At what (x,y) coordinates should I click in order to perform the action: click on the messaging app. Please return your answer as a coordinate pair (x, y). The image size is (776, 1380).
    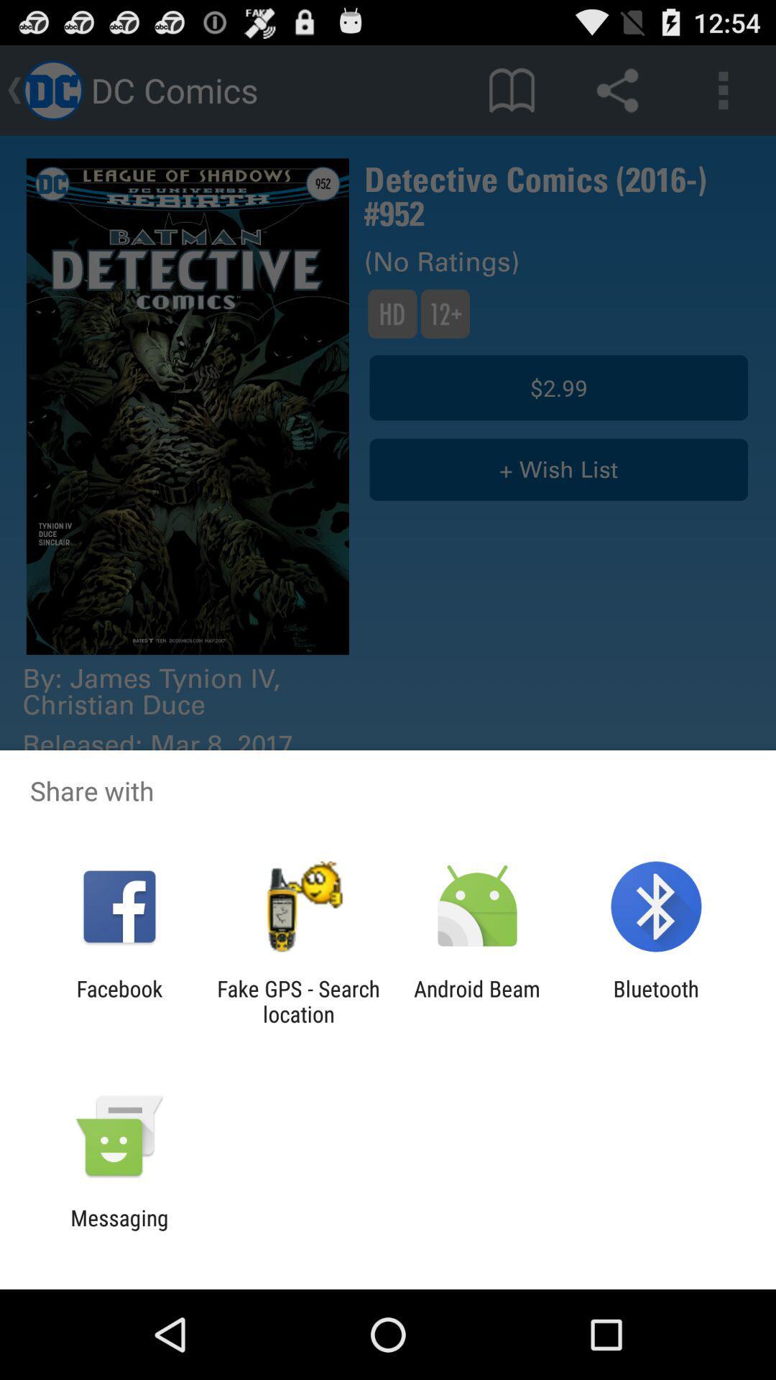
    Looking at the image, I should click on (119, 1230).